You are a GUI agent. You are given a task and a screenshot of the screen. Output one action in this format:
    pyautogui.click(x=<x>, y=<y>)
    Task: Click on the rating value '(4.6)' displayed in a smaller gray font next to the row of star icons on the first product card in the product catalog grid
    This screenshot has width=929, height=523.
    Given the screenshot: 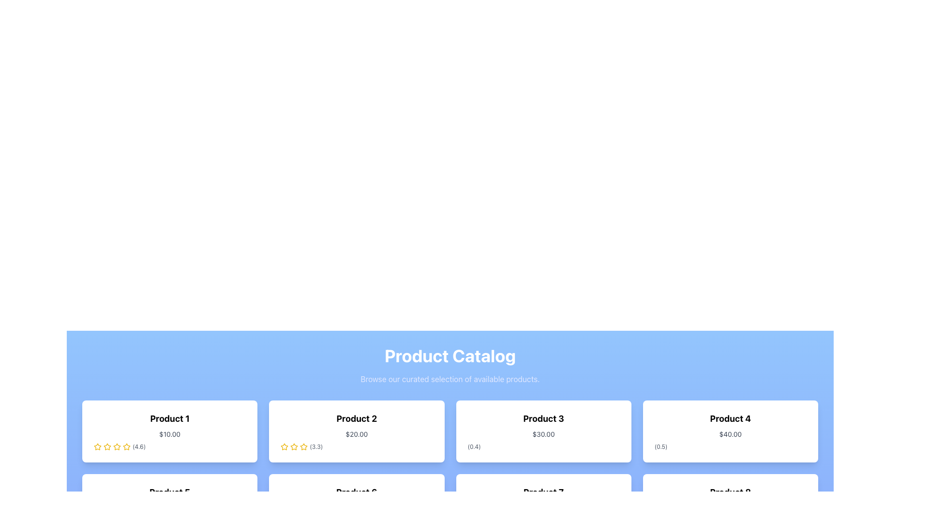 What is the action you would take?
    pyautogui.click(x=138, y=446)
    